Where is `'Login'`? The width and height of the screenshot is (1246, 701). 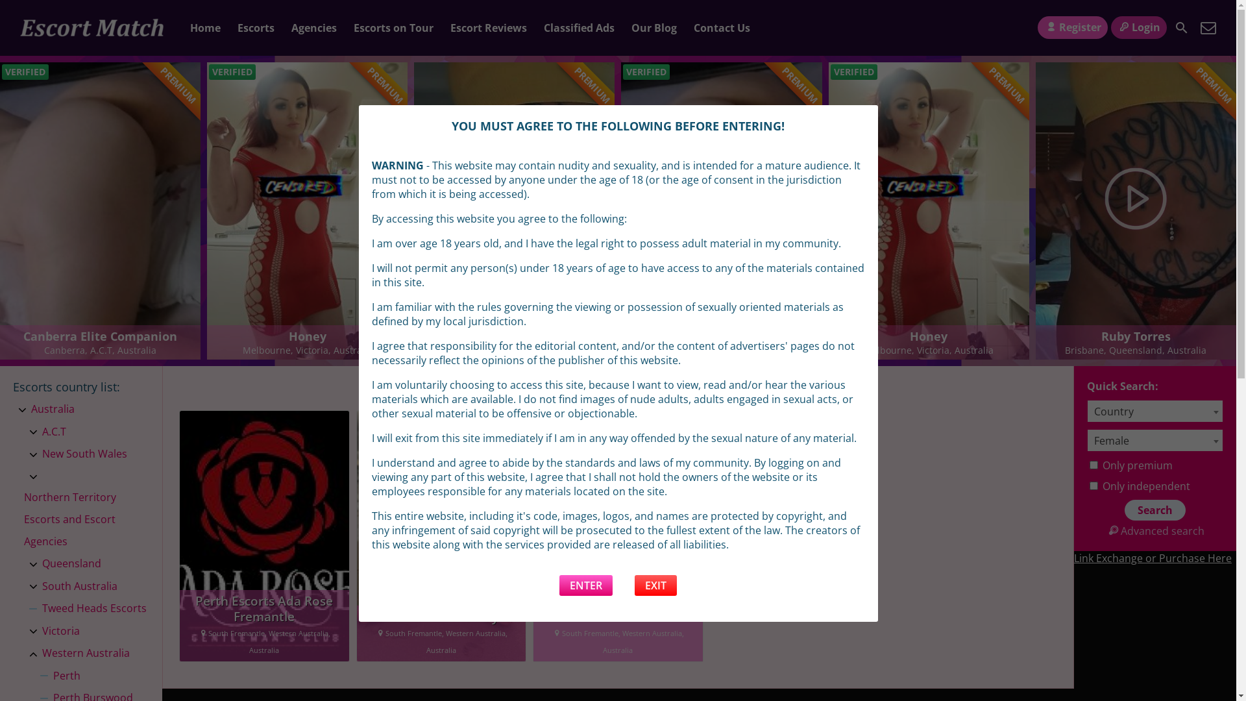 'Login' is located at coordinates (1138, 27).